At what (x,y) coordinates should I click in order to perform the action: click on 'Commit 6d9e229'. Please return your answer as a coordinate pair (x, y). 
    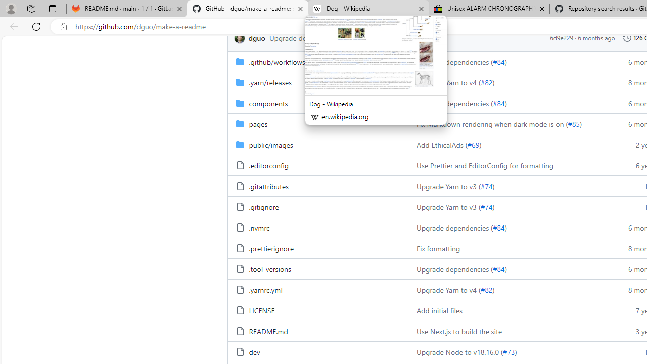
    Looking at the image, I should click on (561, 37).